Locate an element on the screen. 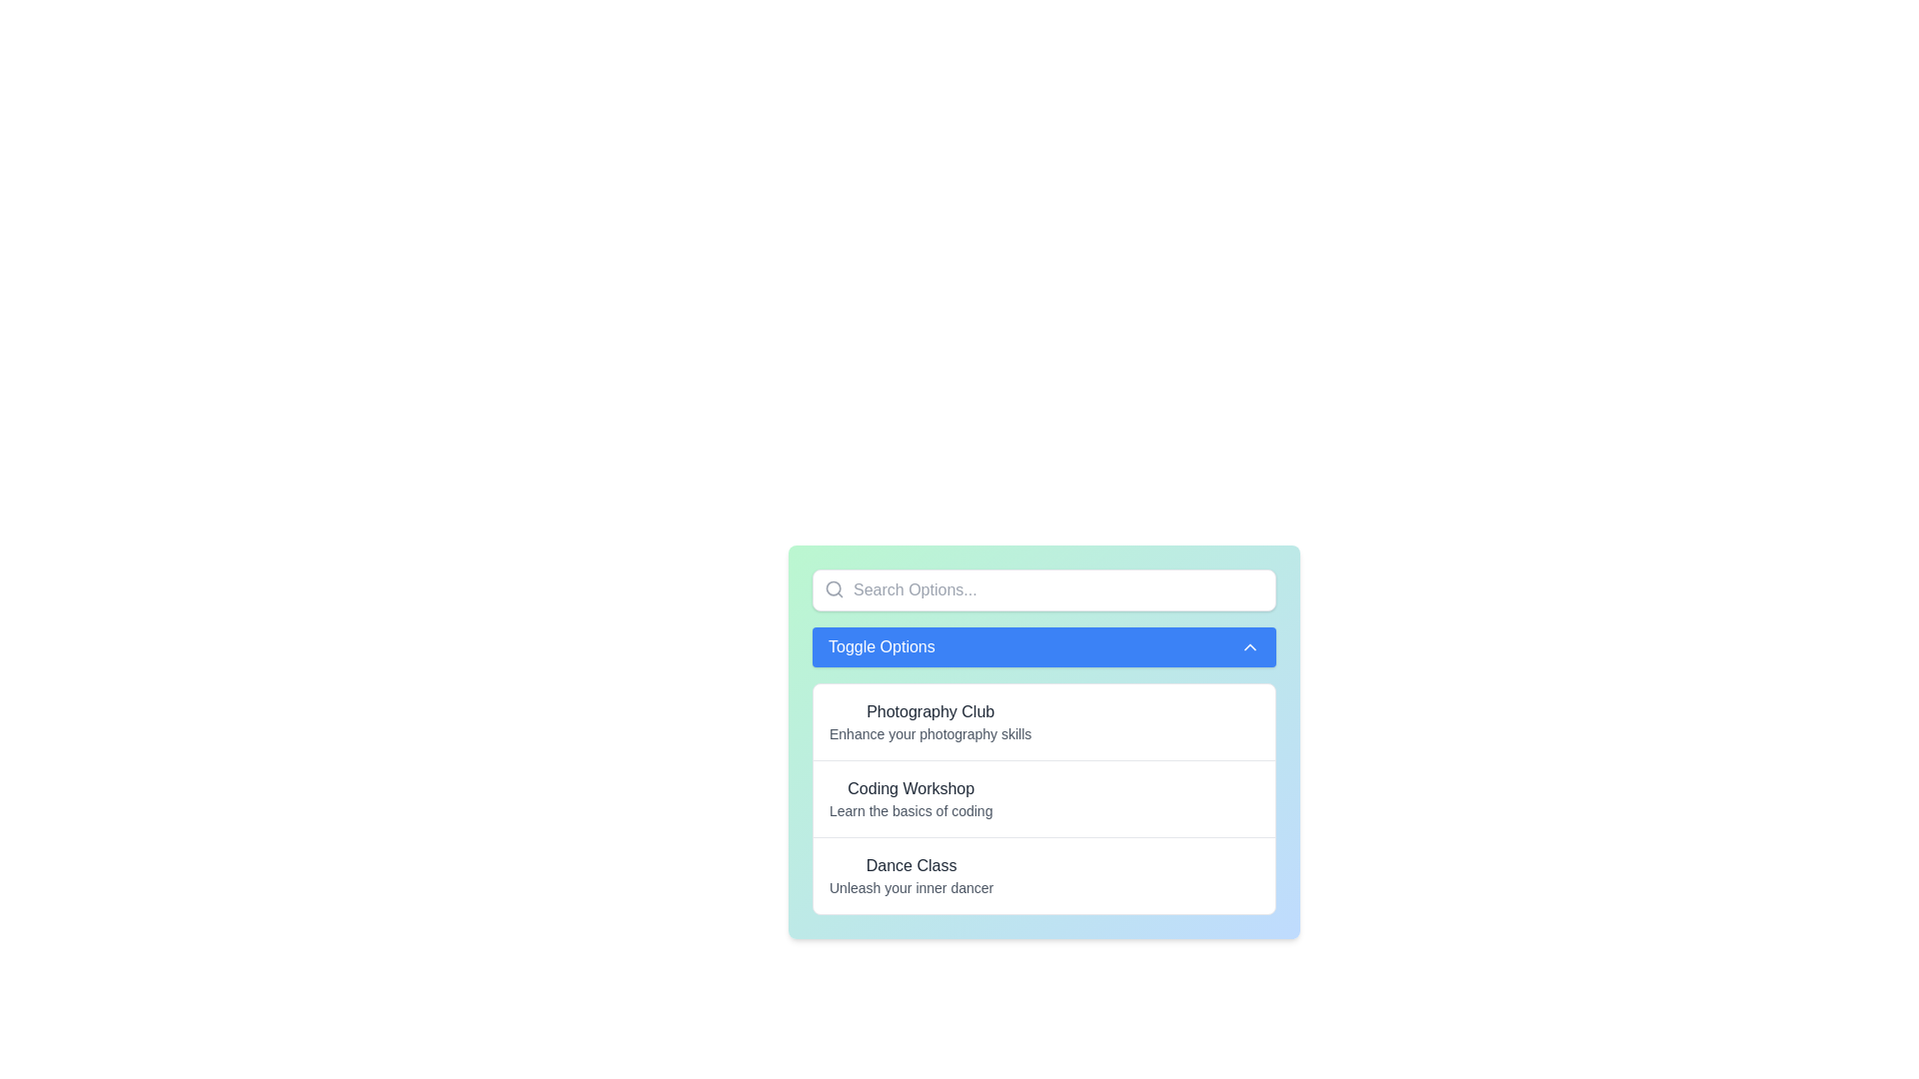 The height and width of the screenshot is (1079, 1919). textual label 'Photography Club' located within the dropdown interface, positioned above 'Enhance your photography skills' and below 'Toggle Options' is located at coordinates (930, 711).